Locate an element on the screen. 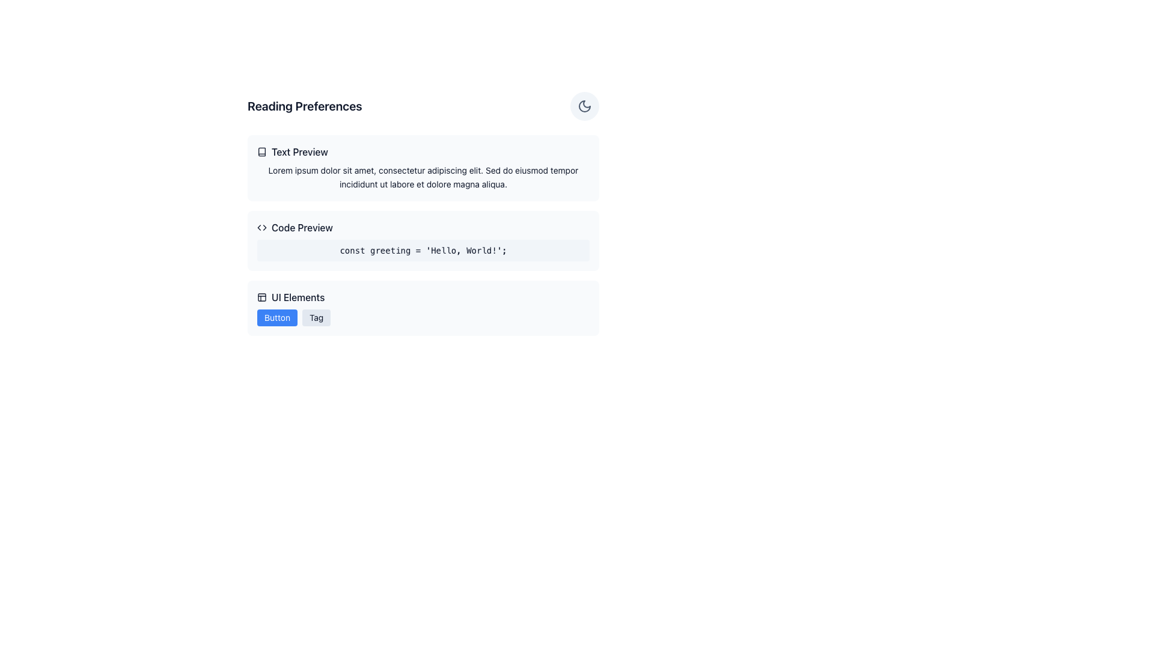 The image size is (1154, 649). the icon resembling a panel layout with a stroke-based outline, positioned to the left of the text 'UI Elements' is located at coordinates (261, 296).